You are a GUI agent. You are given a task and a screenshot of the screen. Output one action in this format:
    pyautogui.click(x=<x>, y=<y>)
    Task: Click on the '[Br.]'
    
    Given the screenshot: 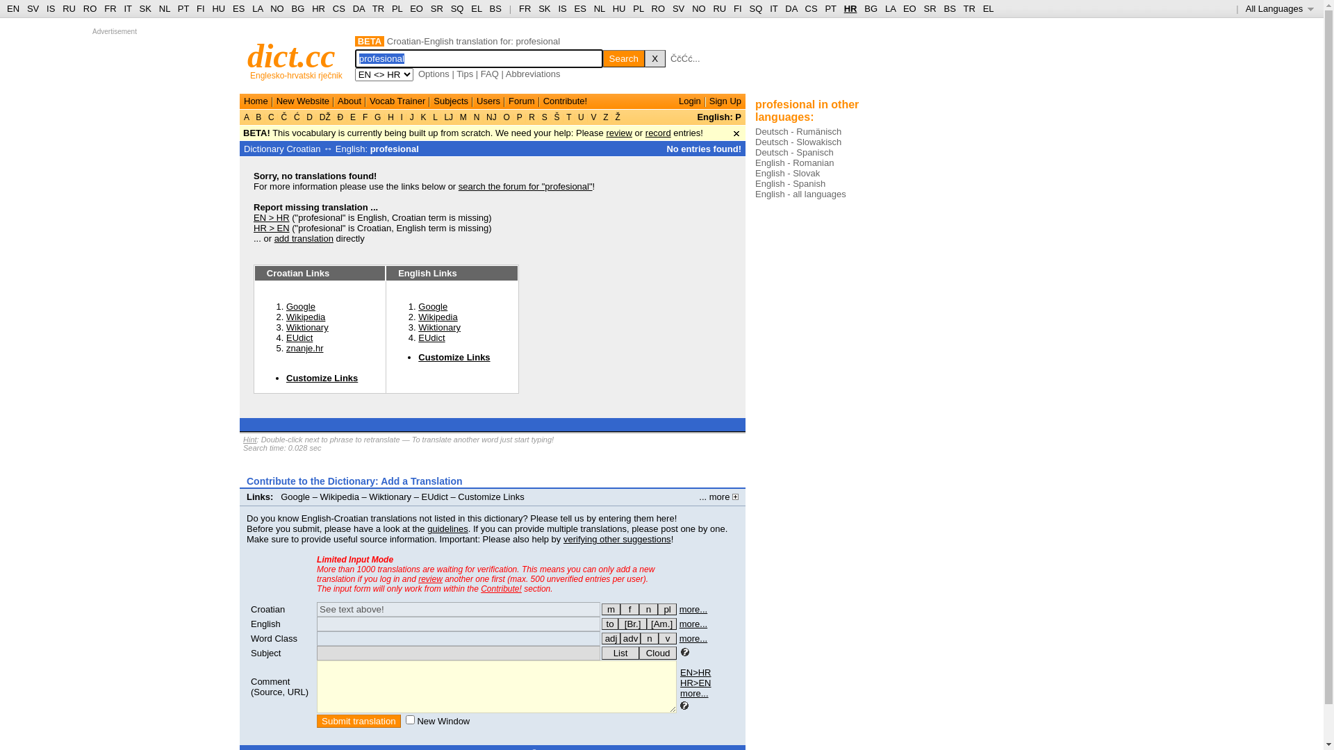 What is the action you would take?
    pyautogui.click(x=632, y=623)
    